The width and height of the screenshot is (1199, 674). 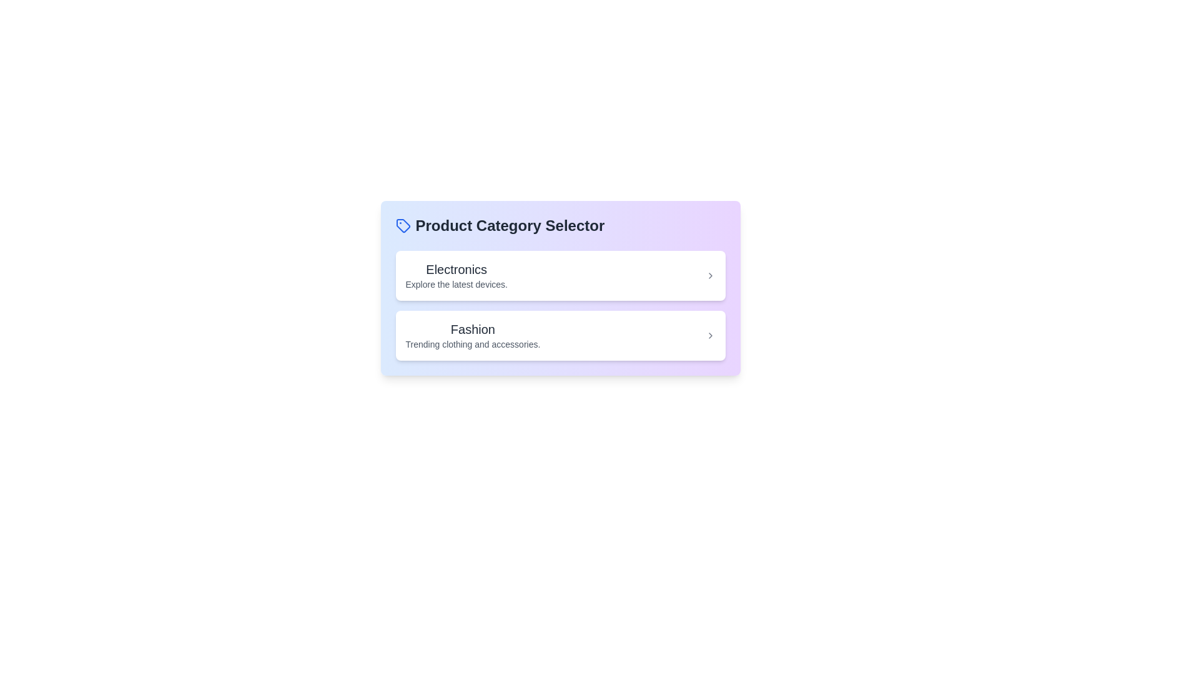 What do you see at coordinates (472, 344) in the screenshot?
I see `the Text Label that provides descriptive information about the 'Fashion' category, located within the second card below the title 'Fashion'` at bounding box center [472, 344].